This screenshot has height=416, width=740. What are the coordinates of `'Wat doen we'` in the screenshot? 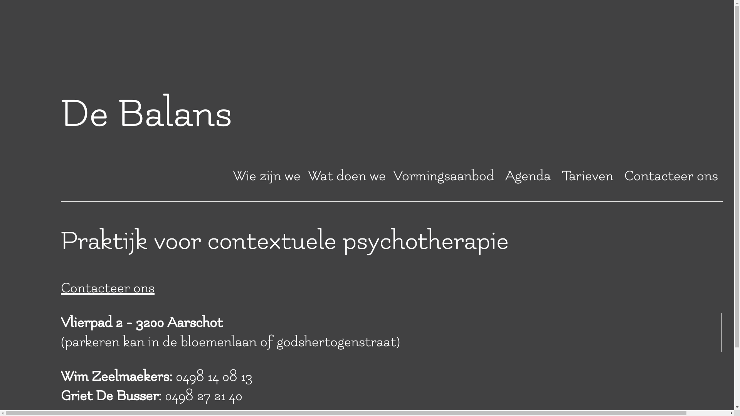 It's located at (308, 176).